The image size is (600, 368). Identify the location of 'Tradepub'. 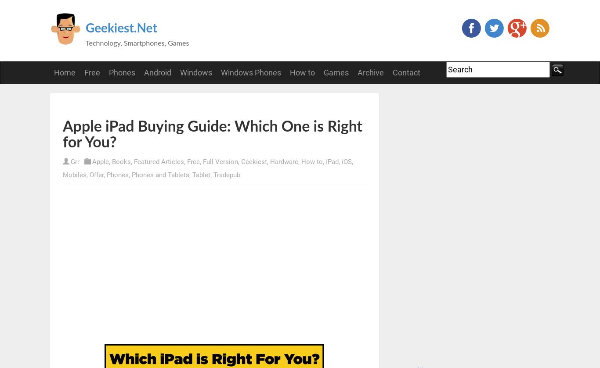
(227, 175).